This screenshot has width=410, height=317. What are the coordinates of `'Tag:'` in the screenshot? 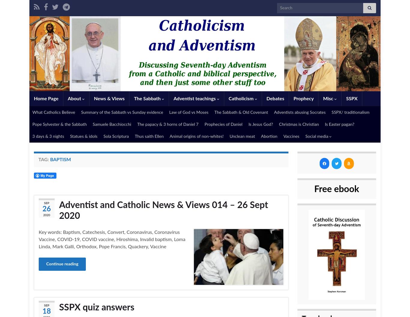 It's located at (44, 160).